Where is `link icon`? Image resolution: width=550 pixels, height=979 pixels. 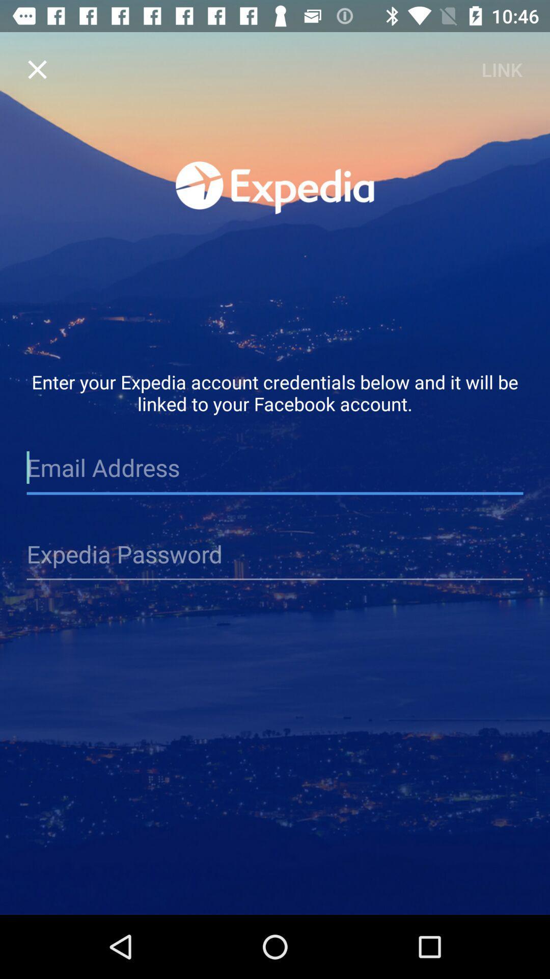
link icon is located at coordinates (501, 69).